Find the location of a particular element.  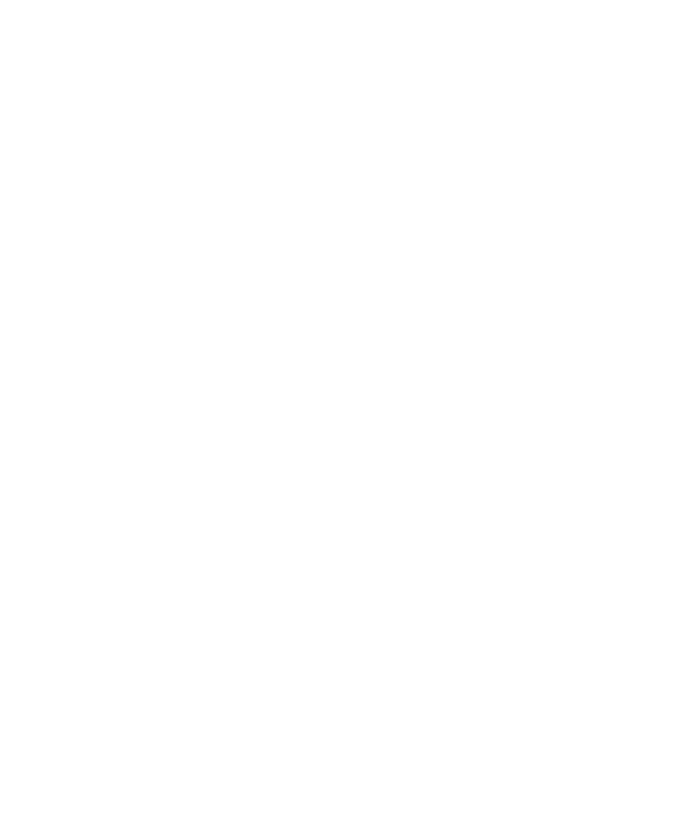

'About' is located at coordinates (26, 595).